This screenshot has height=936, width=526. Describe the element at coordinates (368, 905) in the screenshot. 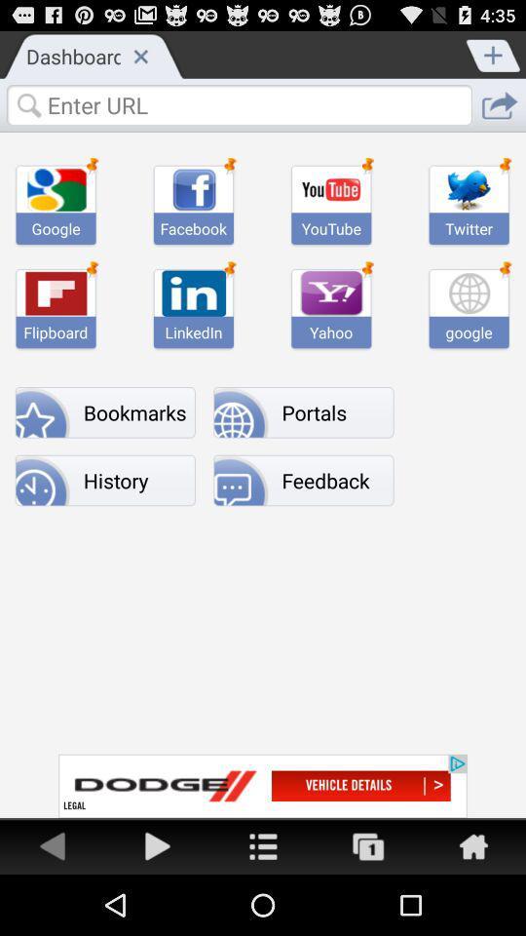

I see `the copy icon` at that location.